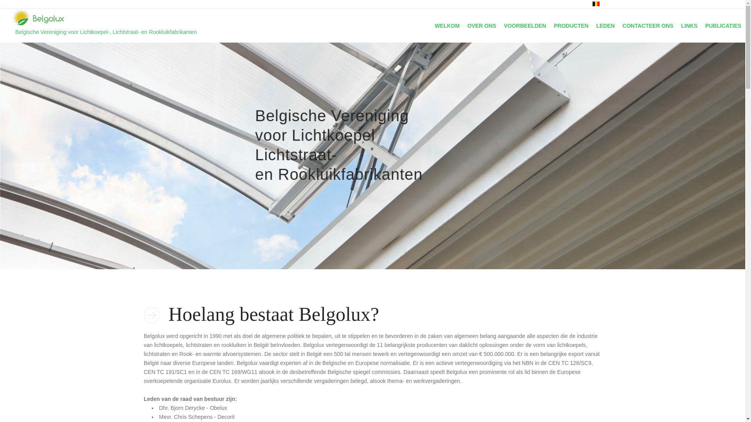 Image resolution: width=751 pixels, height=422 pixels. What do you see at coordinates (689, 25) in the screenshot?
I see `'LINKS'` at bounding box center [689, 25].